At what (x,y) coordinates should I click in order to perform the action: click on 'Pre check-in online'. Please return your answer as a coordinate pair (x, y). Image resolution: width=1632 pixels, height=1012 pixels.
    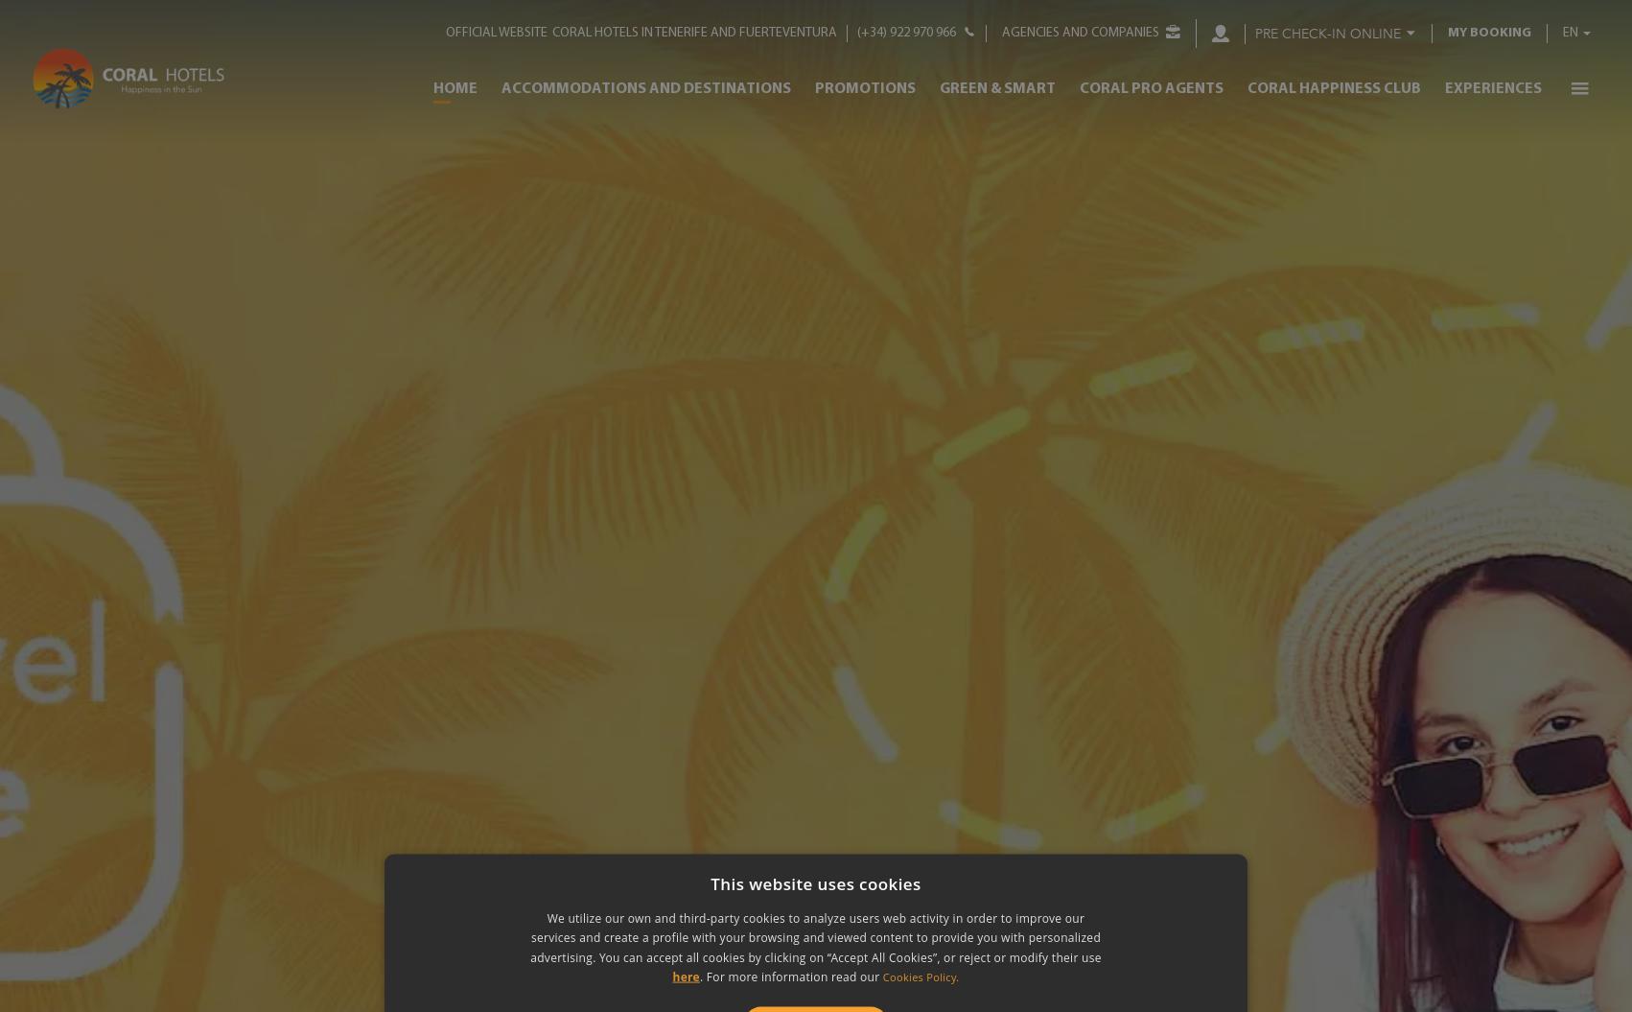
    Looking at the image, I should click on (1326, 33).